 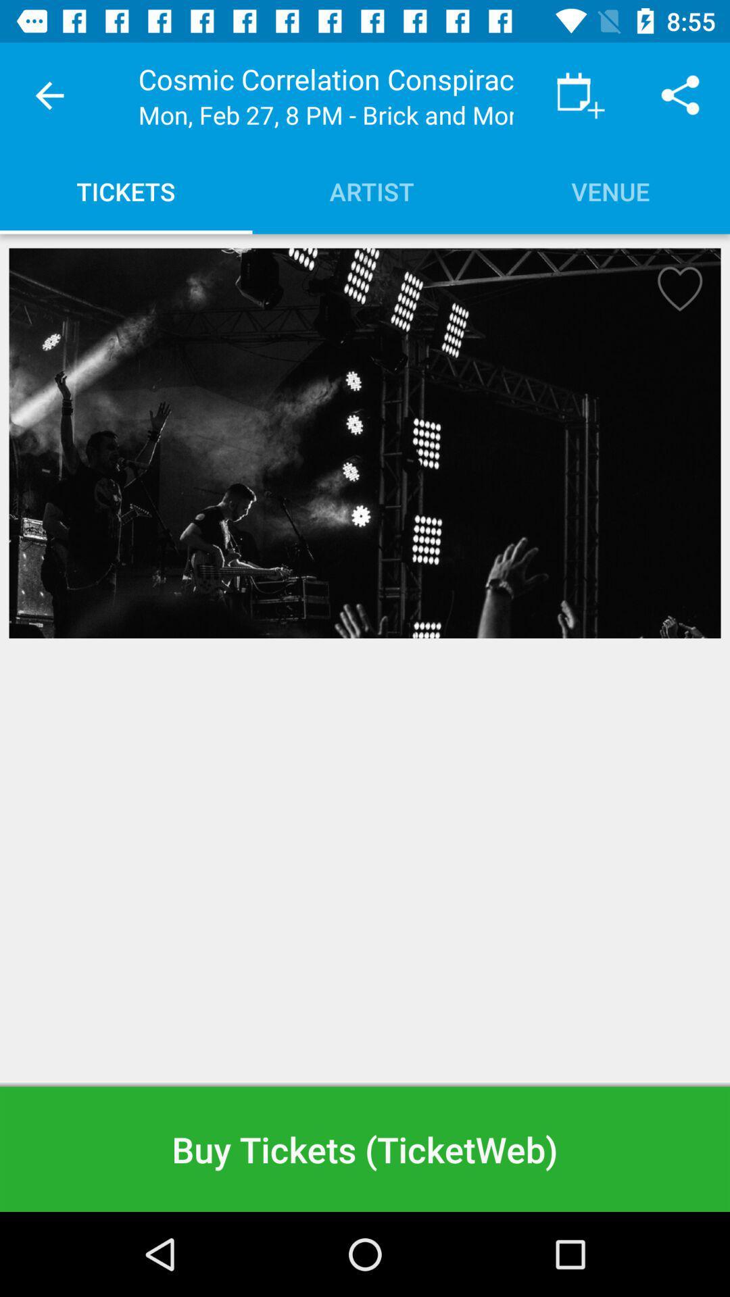 I want to click on icon to the left of cosmic correlation conspiracy item, so click(x=49, y=95).